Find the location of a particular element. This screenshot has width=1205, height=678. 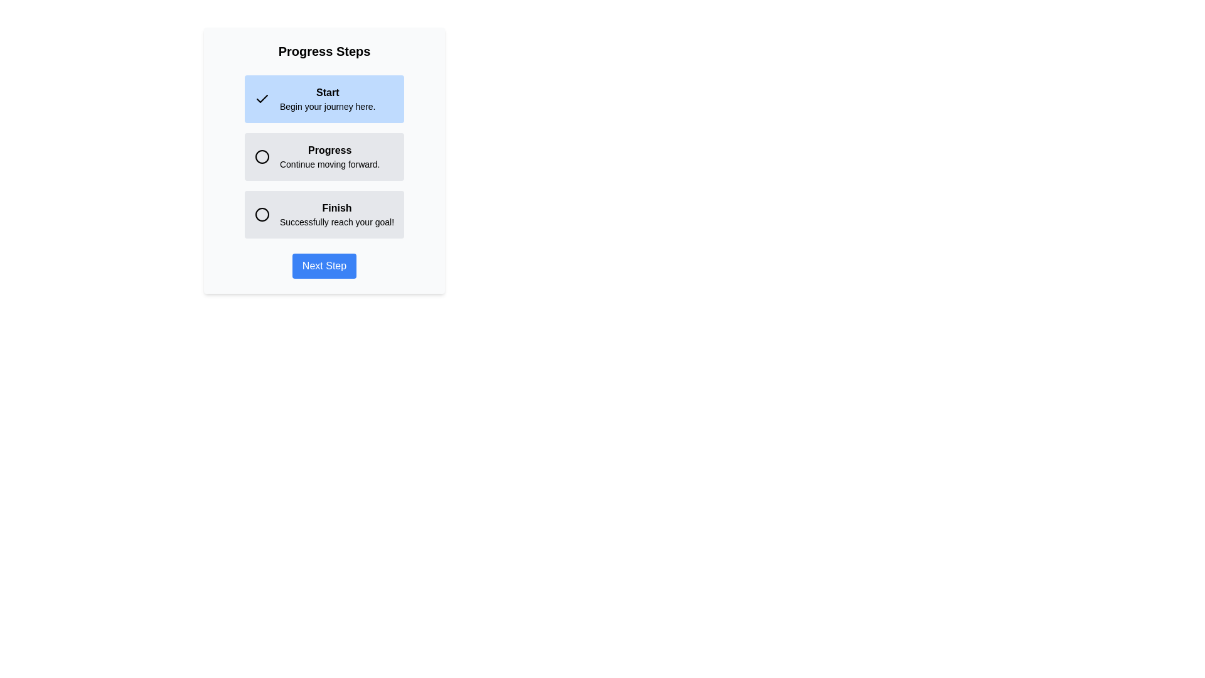

the second circle in the vertical progress indicator labeled 'Progress' to indicate its current state in the sequence of steps is located at coordinates (261, 156).